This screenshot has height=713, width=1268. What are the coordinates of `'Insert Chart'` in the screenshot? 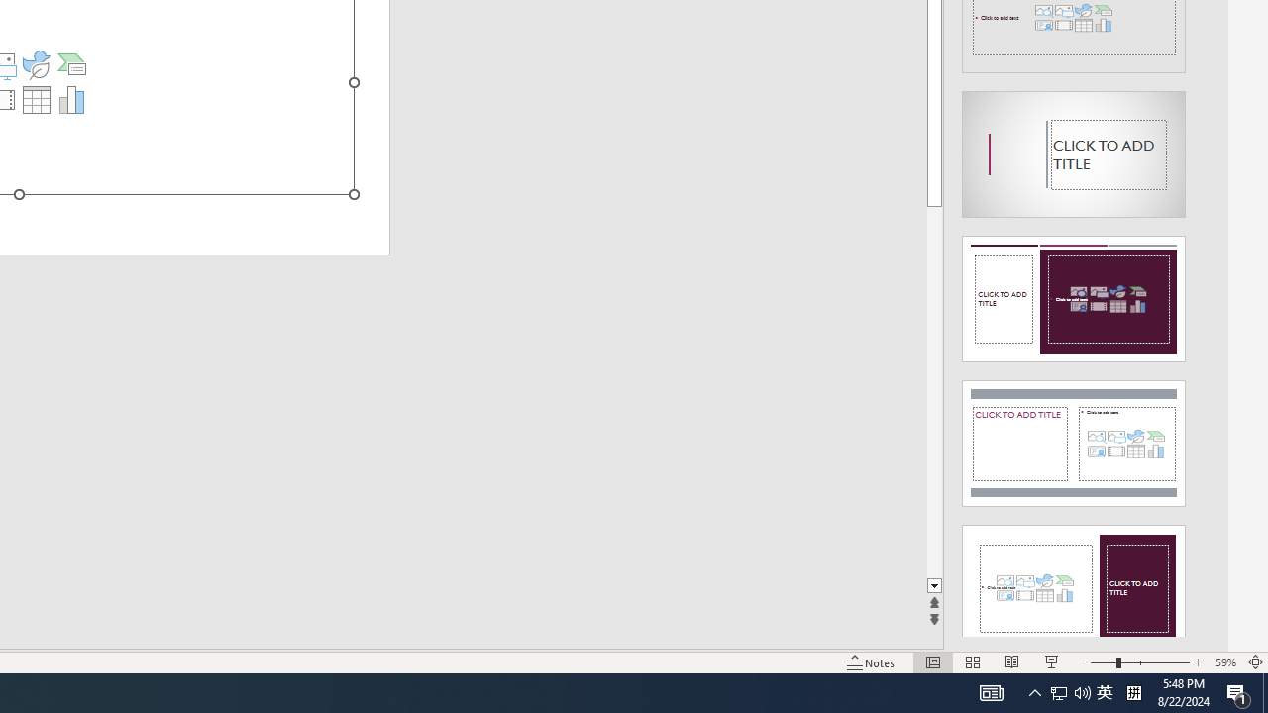 It's located at (72, 99).